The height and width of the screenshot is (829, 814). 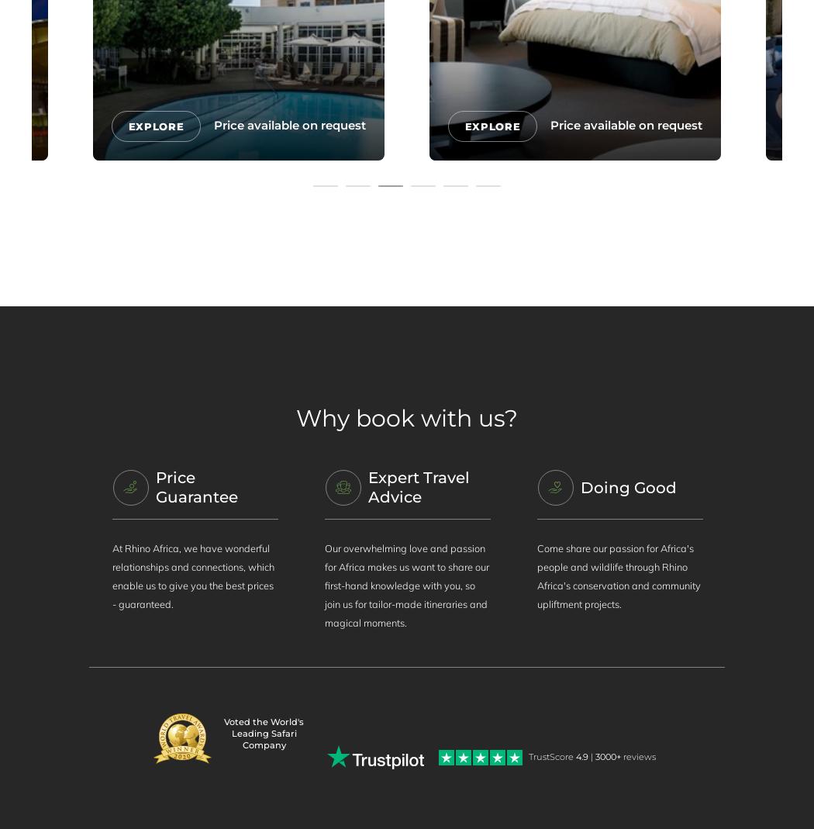 What do you see at coordinates (626, 487) in the screenshot?
I see `'Doing Good'` at bounding box center [626, 487].